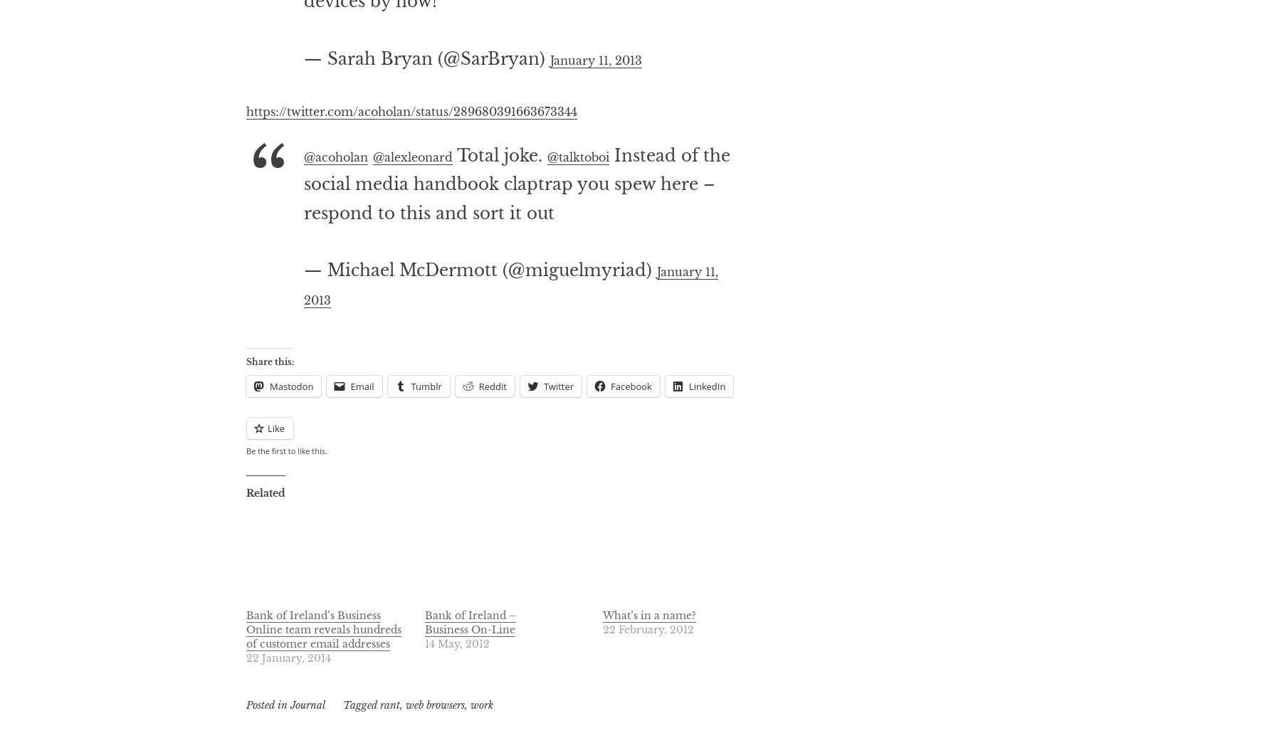 This screenshot has width=1267, height=738. What do you see at coordinates (269, 418) in the screenshot?
I see `'Share this:'` at bounding box center [269, 418].